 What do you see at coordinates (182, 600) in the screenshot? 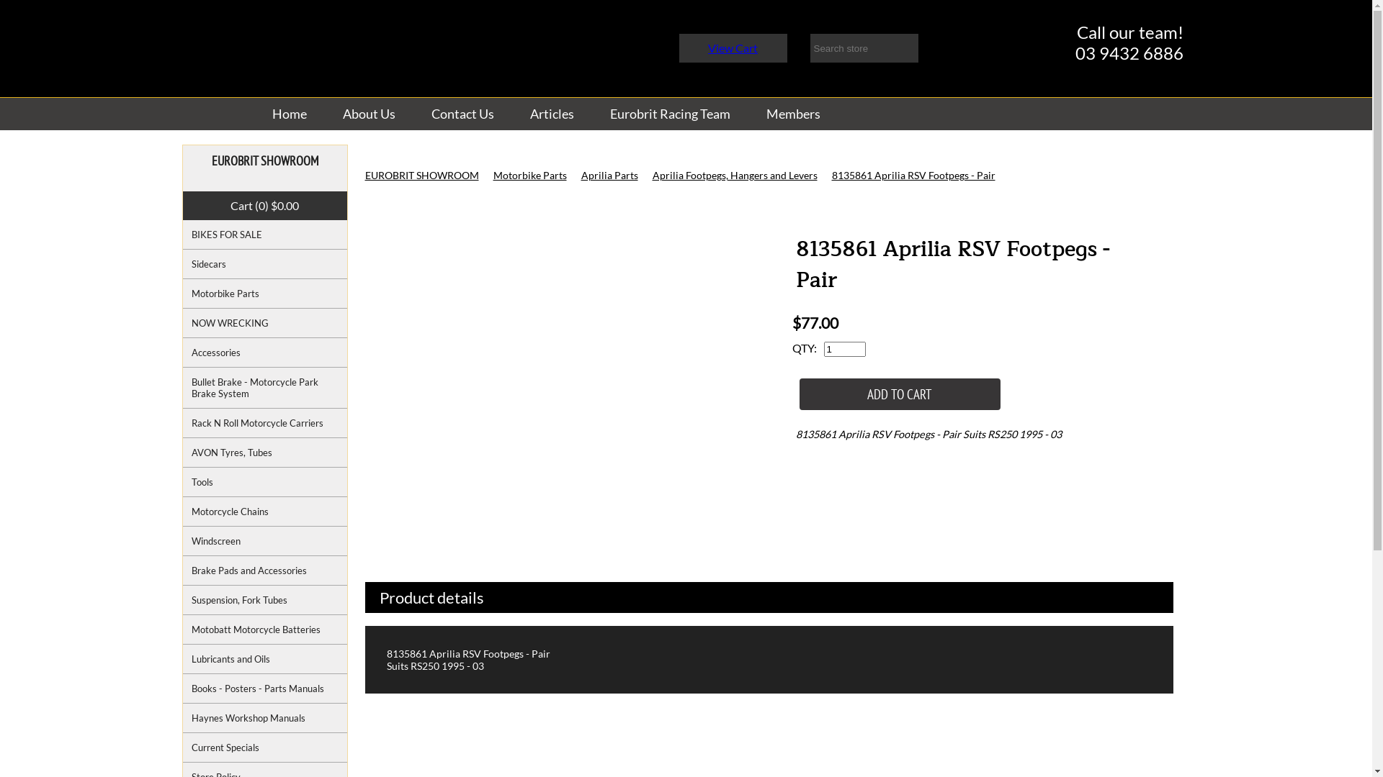
I see `'Suspension, Fork Tubes'` at bounding box center [182, 600].